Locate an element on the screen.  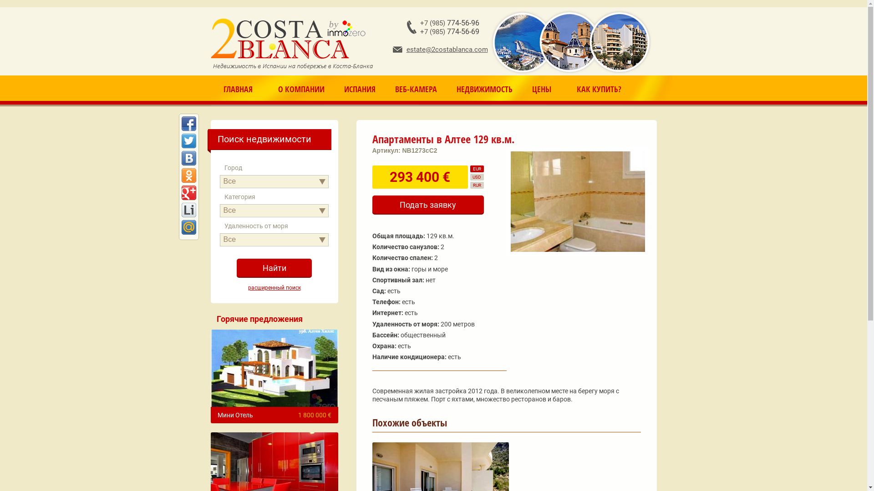
'estate@2costablanca.com' is located at coordinates (440, 49).